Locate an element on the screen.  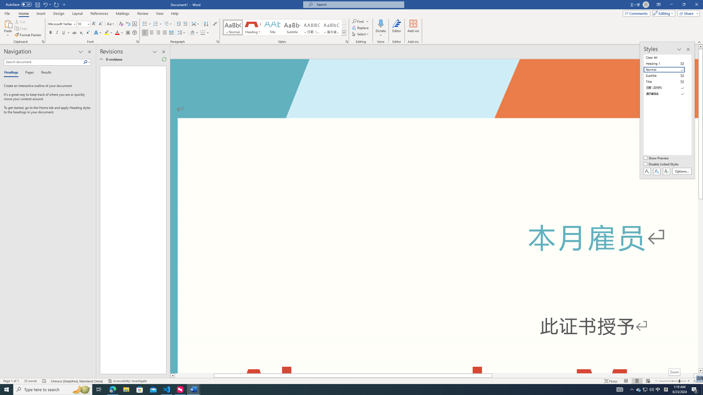
'Clear All' is located at coordinates (668, 57).